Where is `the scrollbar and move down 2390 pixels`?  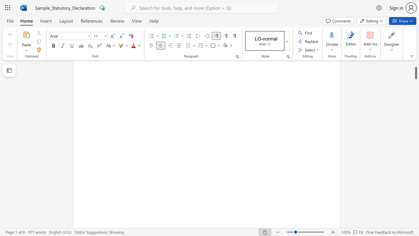
the scrollbar and move down 2390 pixels is located at coordinates (415, 70).